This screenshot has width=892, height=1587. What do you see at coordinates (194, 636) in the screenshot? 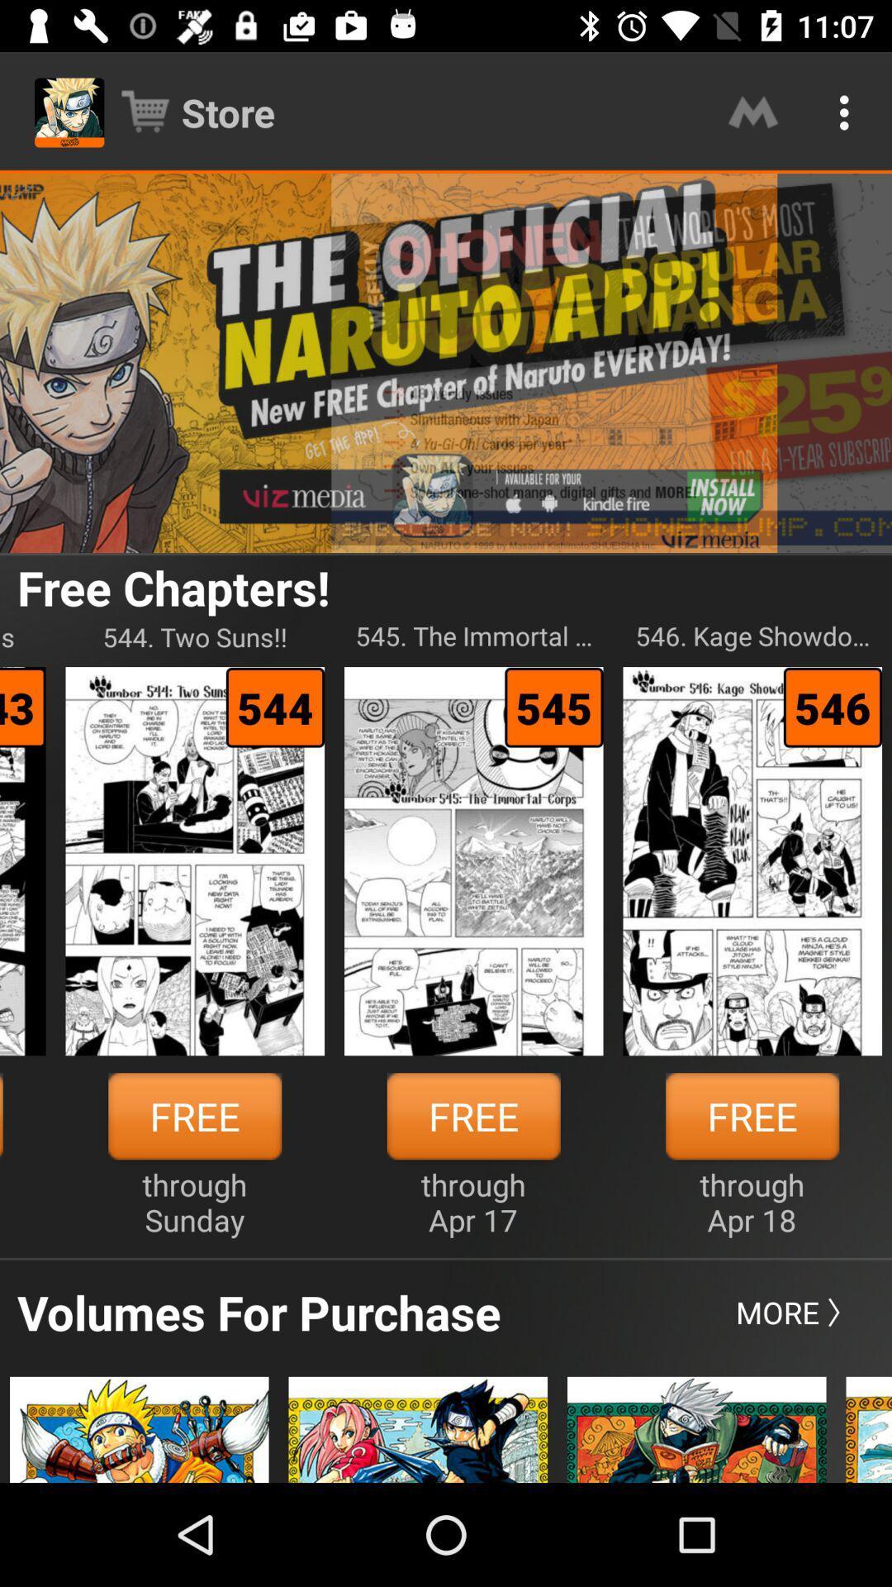
I see `the 544. two suns!!` at bounding box center [194, 636].